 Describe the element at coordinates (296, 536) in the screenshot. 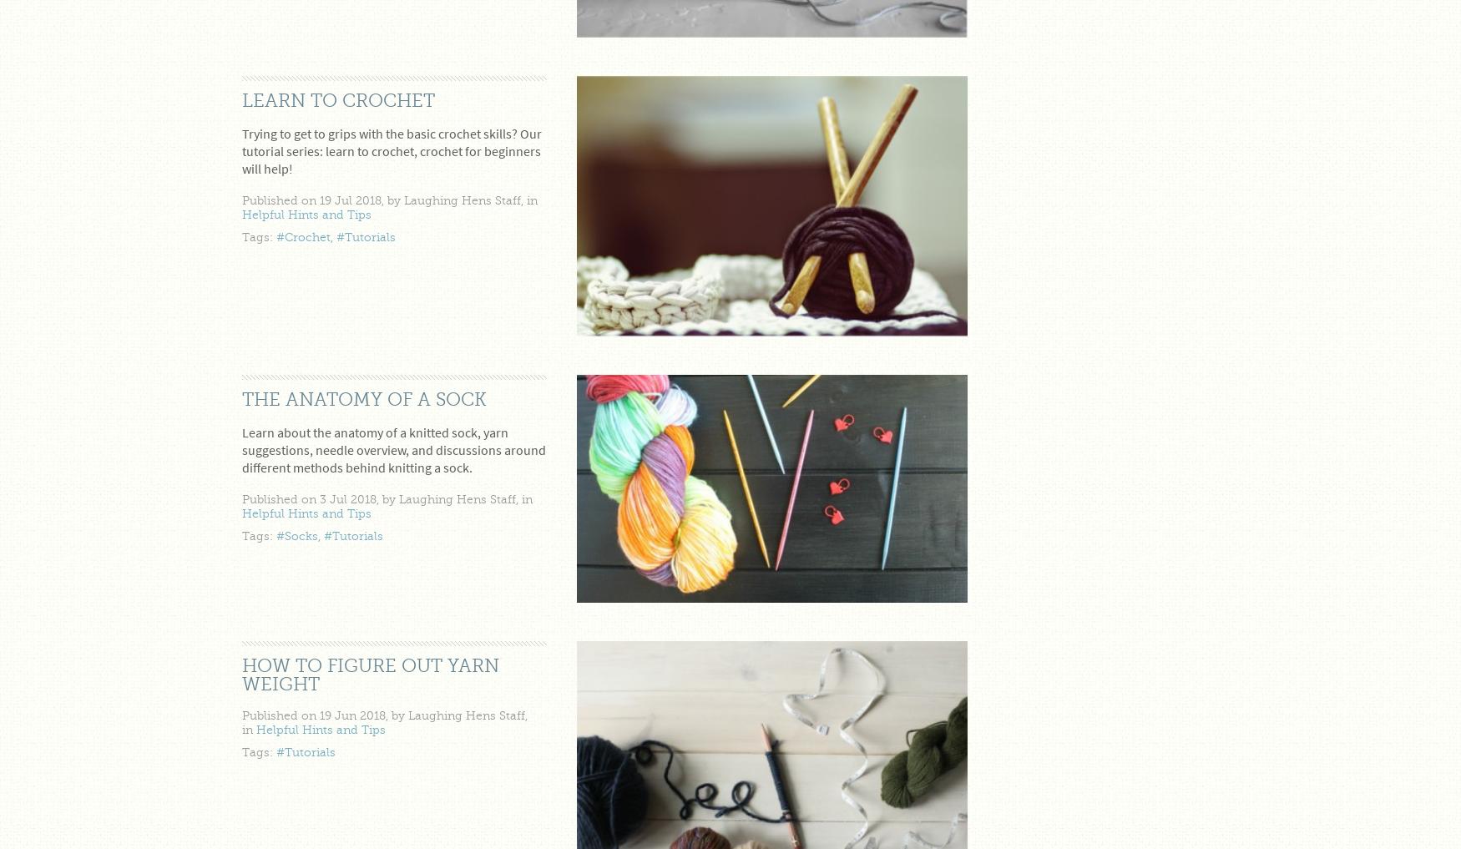

I see `'#Socks'` at that location.